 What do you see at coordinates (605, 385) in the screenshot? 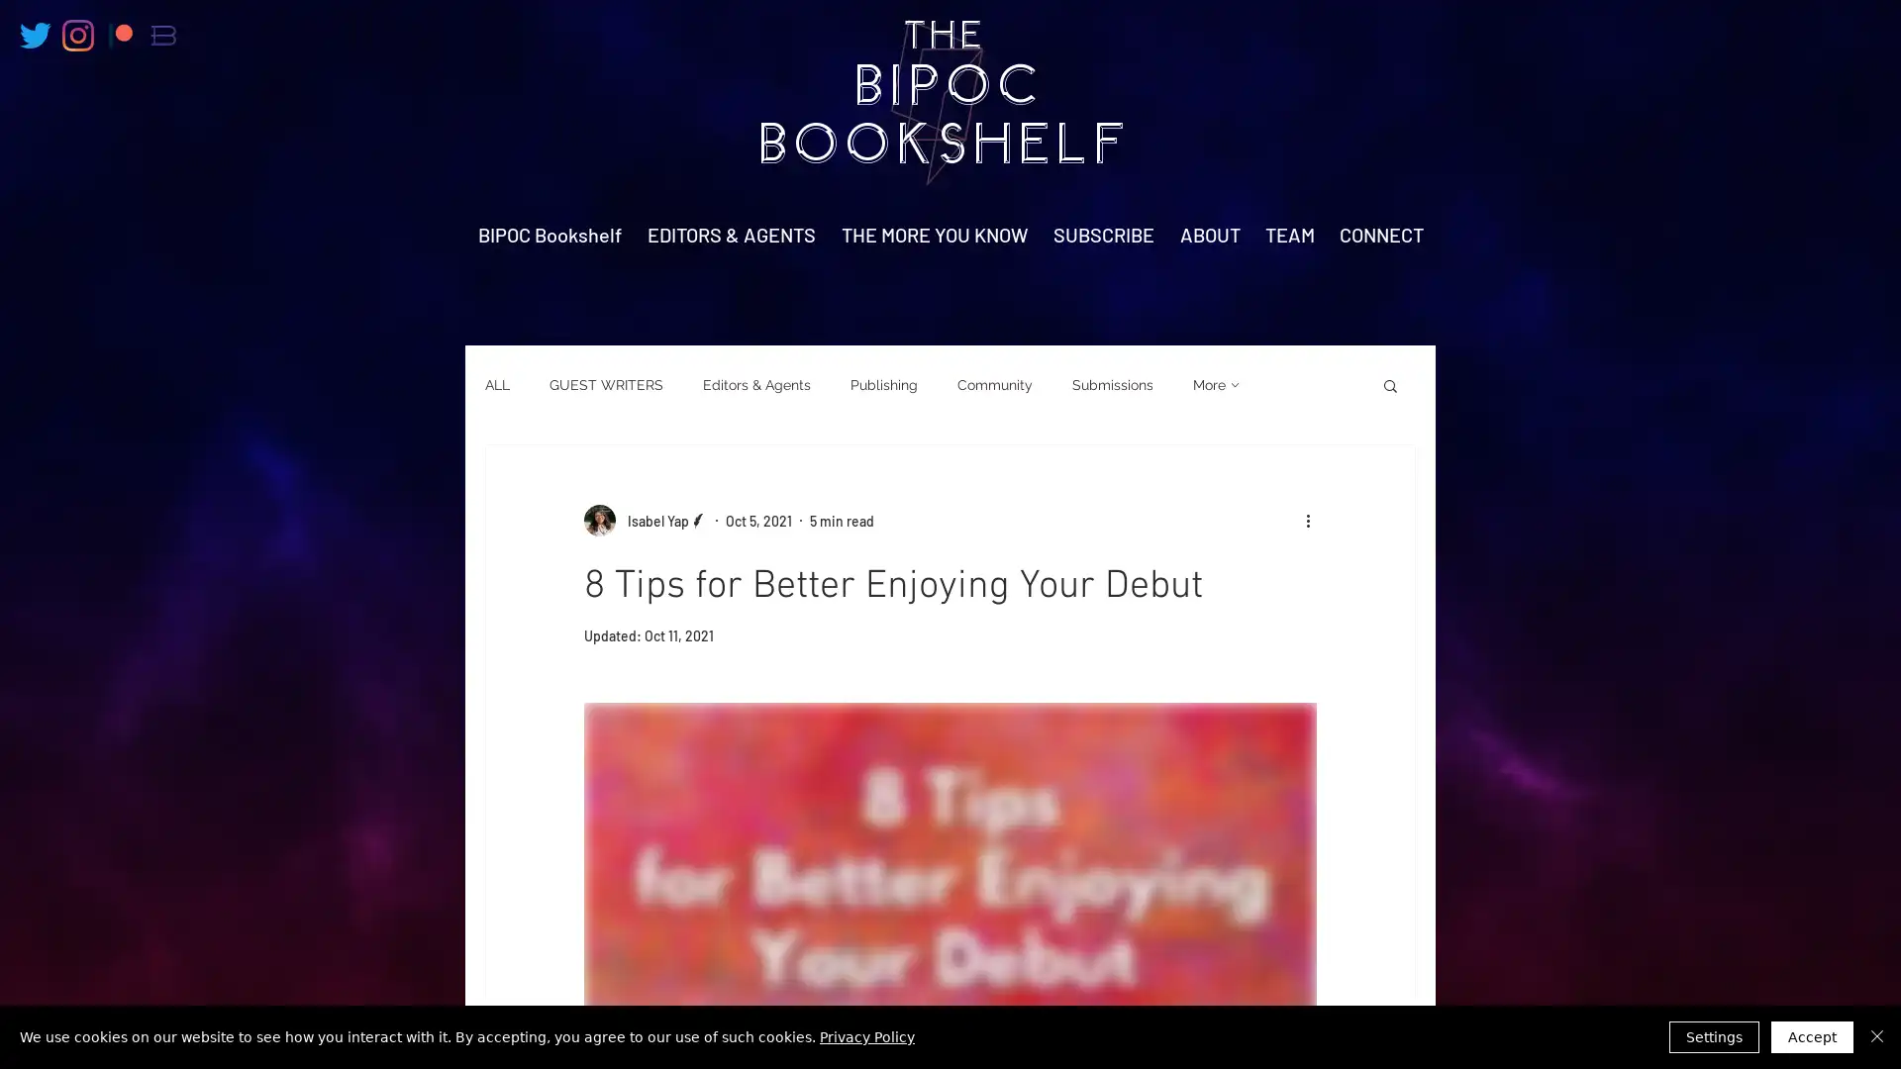
I see `GUEST WRITERS` at bounding box center [605, 385].